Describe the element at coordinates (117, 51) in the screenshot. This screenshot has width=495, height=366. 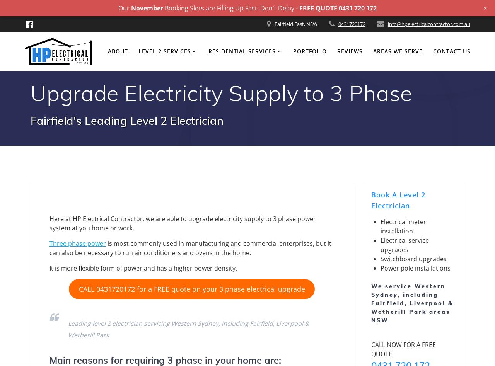
I see `'About'` at that location.